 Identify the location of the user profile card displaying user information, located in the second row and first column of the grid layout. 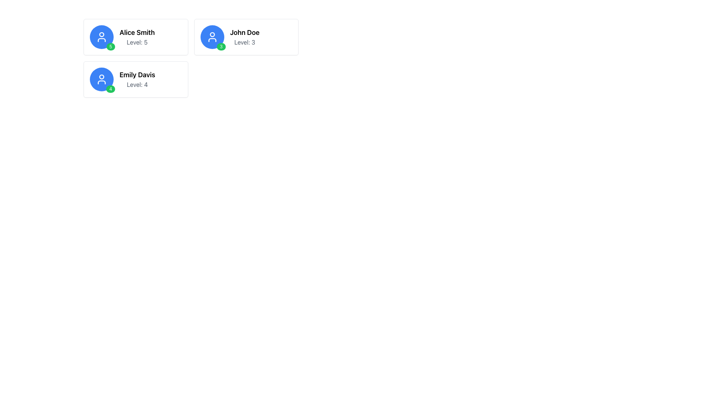
(136, 79).